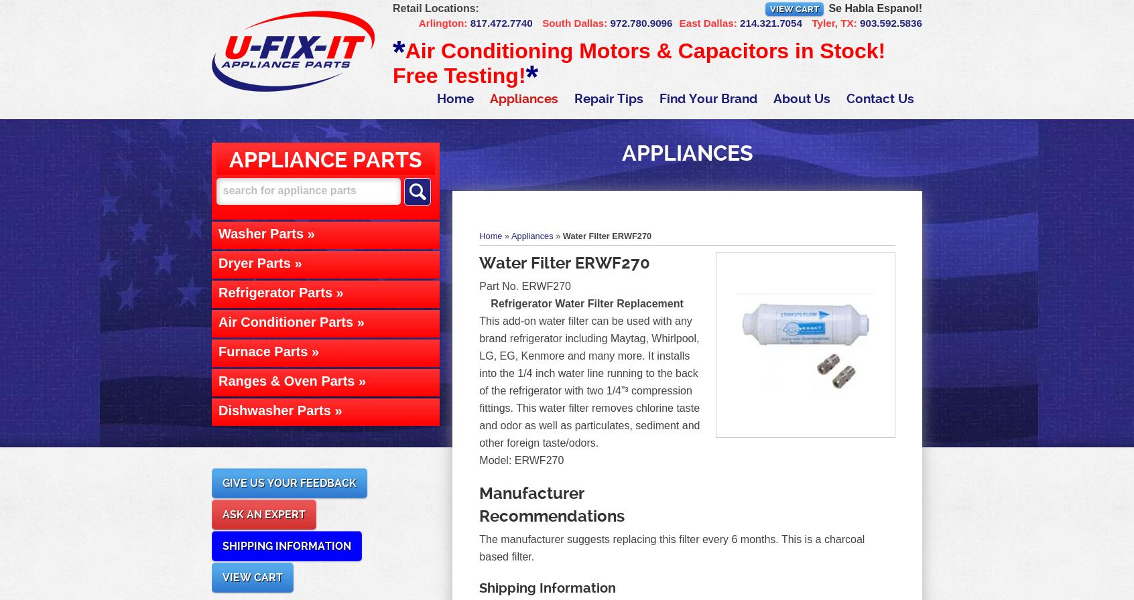 The width and height of the screenshot is (1134, 600). I want to click on 'This add-on water filter can be used with any brand refrigerator including Maytag, Whirlpool, LG, EG, Kenmore and many more. It installs into the 1/4 inch water line running to the back of the refrigerator with two 1/4”³ compression fittings. This water filter removes chlorine taste and odor as well as particulates, sediment and other foreign taste/odors.', so click(588, 382).